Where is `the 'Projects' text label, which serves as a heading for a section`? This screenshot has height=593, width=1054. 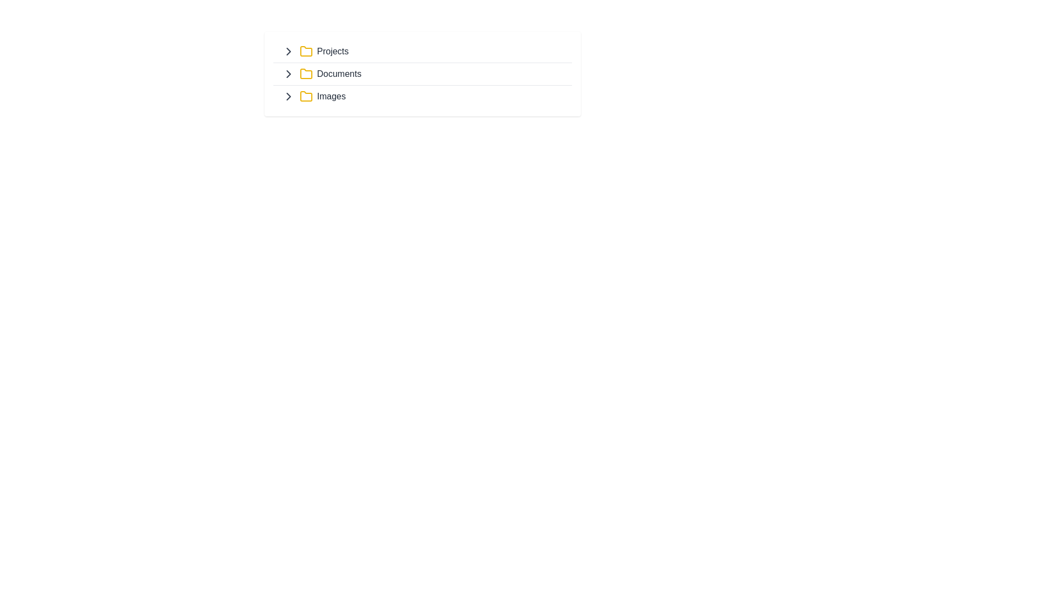
the 'Projects' text label, which serves as a heading for a section is located at coordinates (332, 51).